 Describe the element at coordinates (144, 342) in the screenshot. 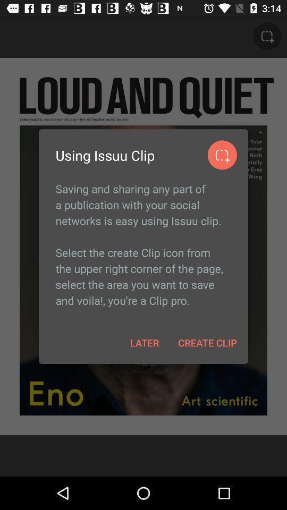

I see `the item next to create clip item` at that location.